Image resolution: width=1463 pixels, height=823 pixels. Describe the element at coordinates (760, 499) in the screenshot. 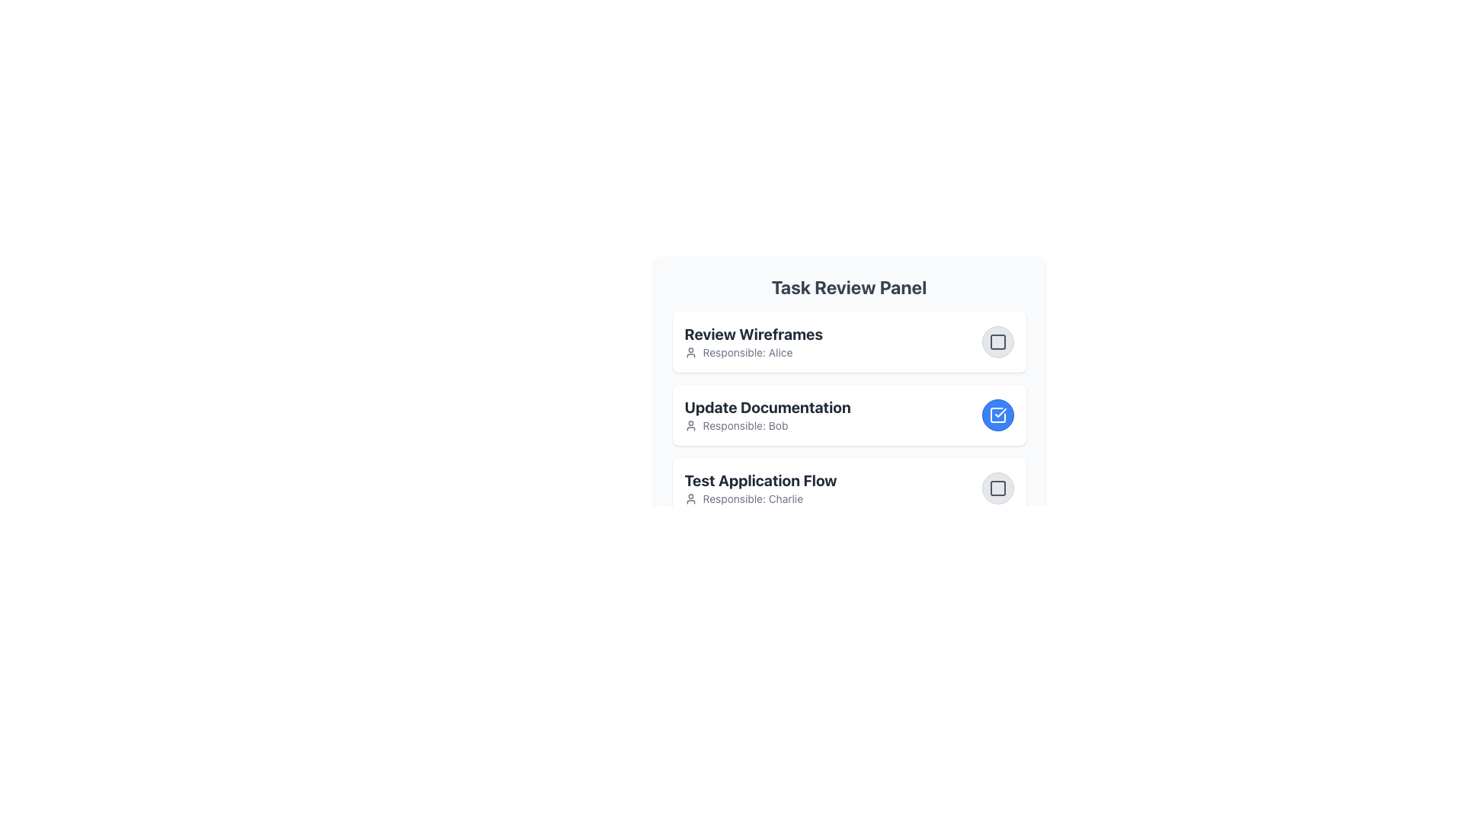

I see `the informational text element identifying the individual responsible for the task, 'Charlie', located under the title 'Test Application Flow' in the third section of the listed tasks` at that location.